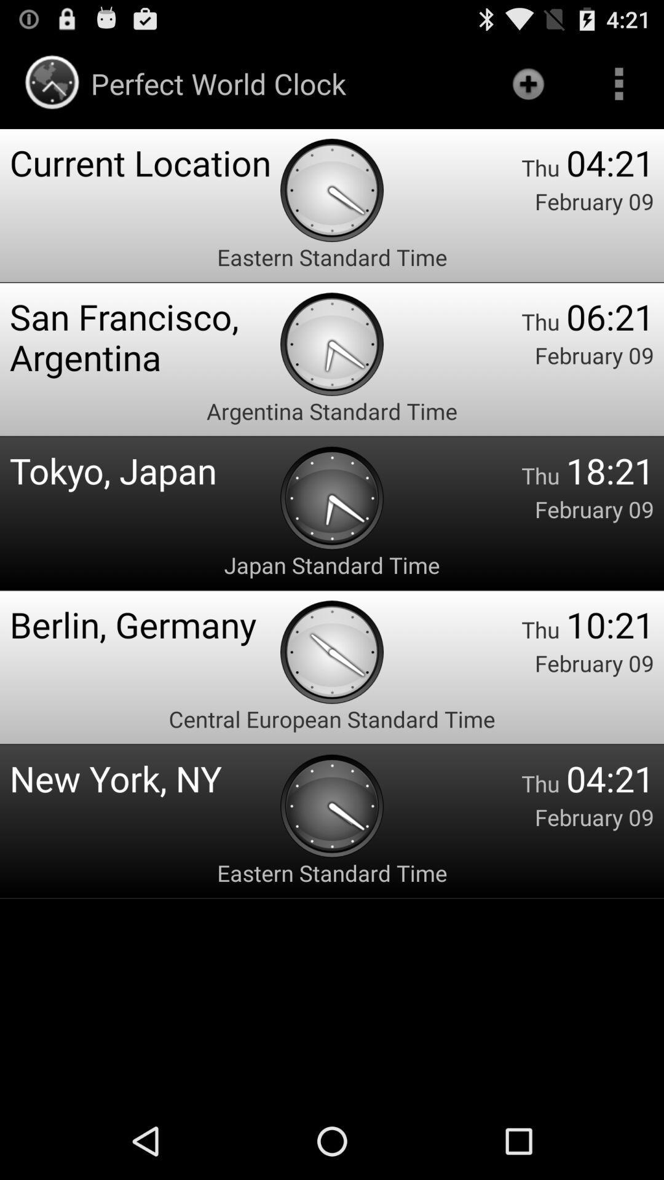 The image size is (664, 1180). I want to click on the central european standard, so click(332, 719).